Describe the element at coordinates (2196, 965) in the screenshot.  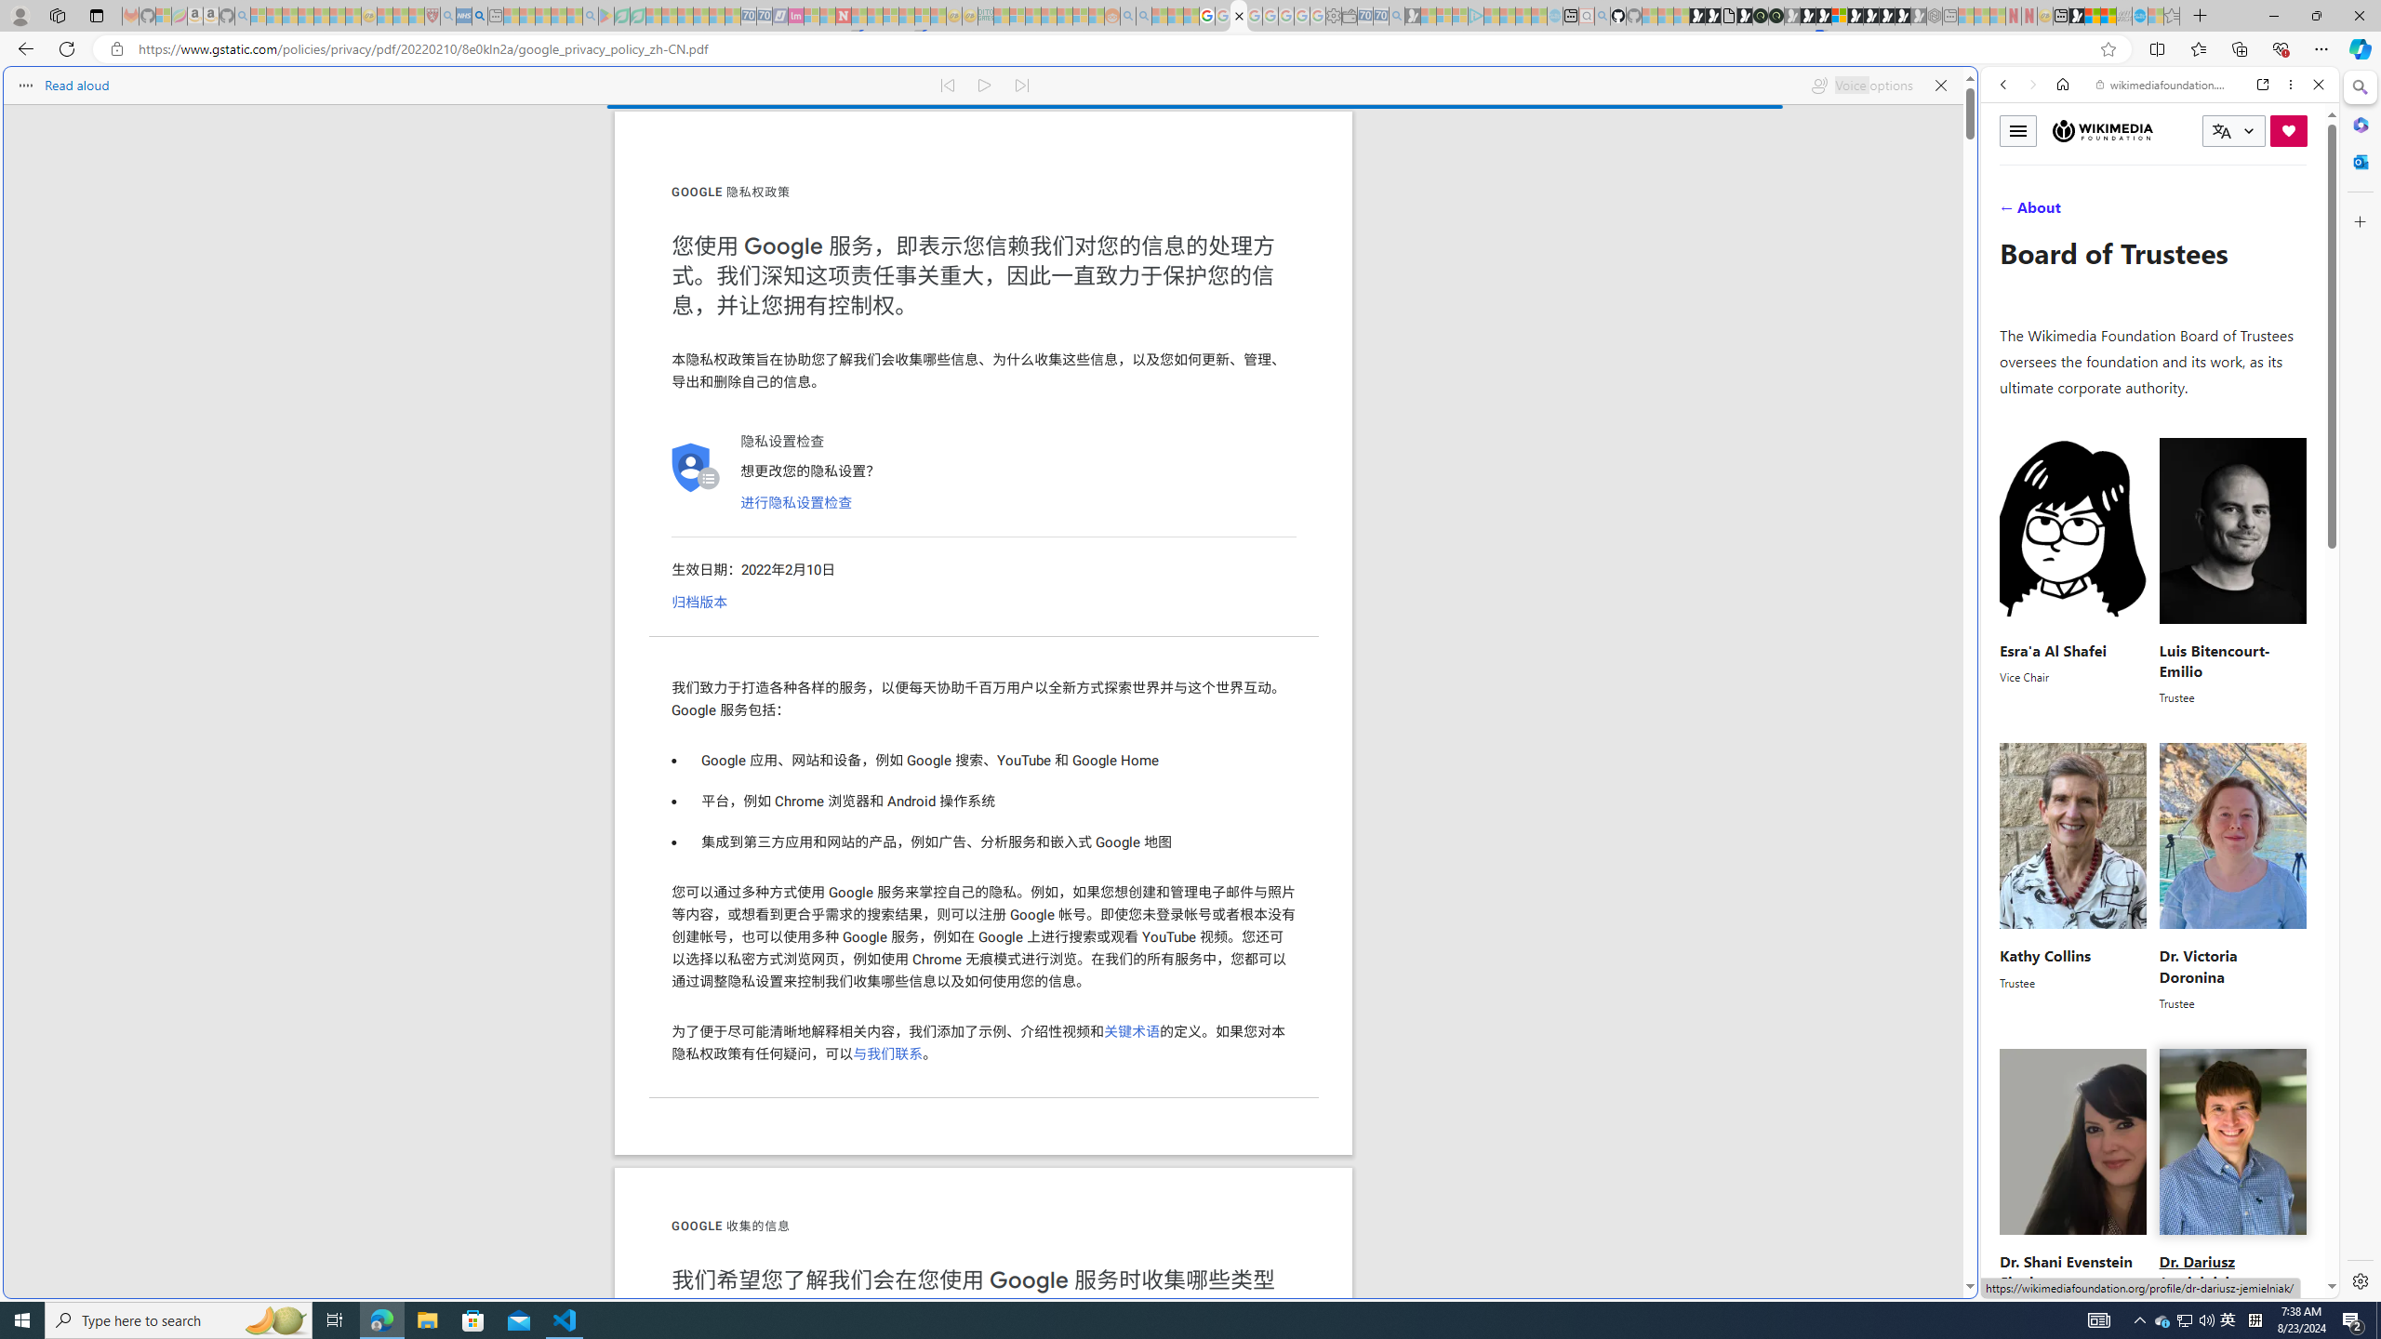
I see `'Dr. Victoria Doronina'` at that location.